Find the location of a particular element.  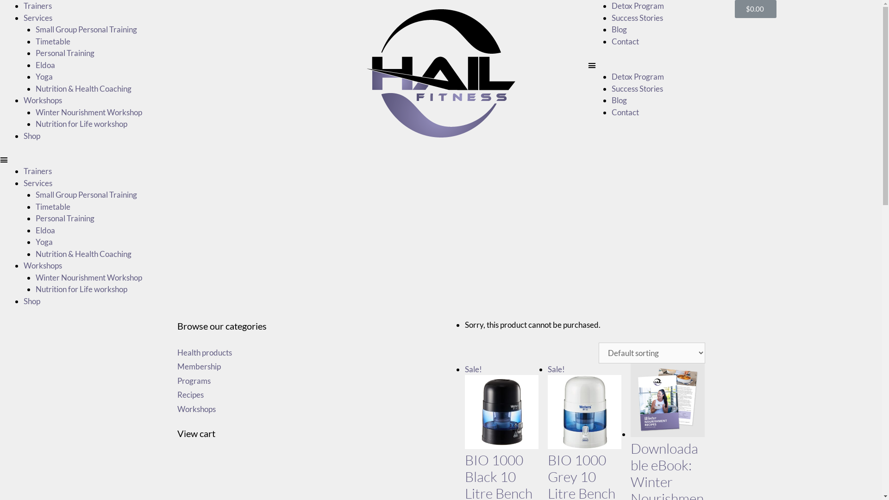

'Nutrition for Life workshop' is located at coordinates (81, 123).